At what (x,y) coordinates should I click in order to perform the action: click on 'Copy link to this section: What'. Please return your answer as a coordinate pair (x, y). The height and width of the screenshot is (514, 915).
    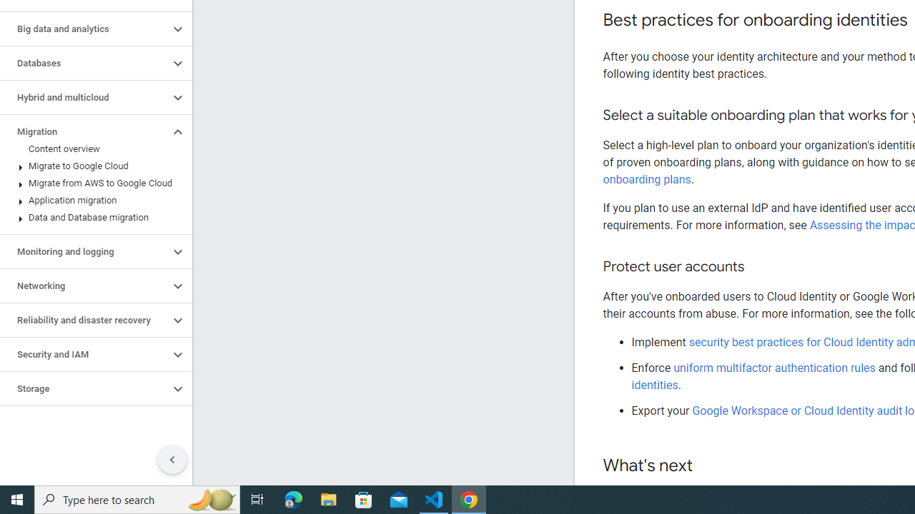
    Looking at the image, I should click on (707, 466).